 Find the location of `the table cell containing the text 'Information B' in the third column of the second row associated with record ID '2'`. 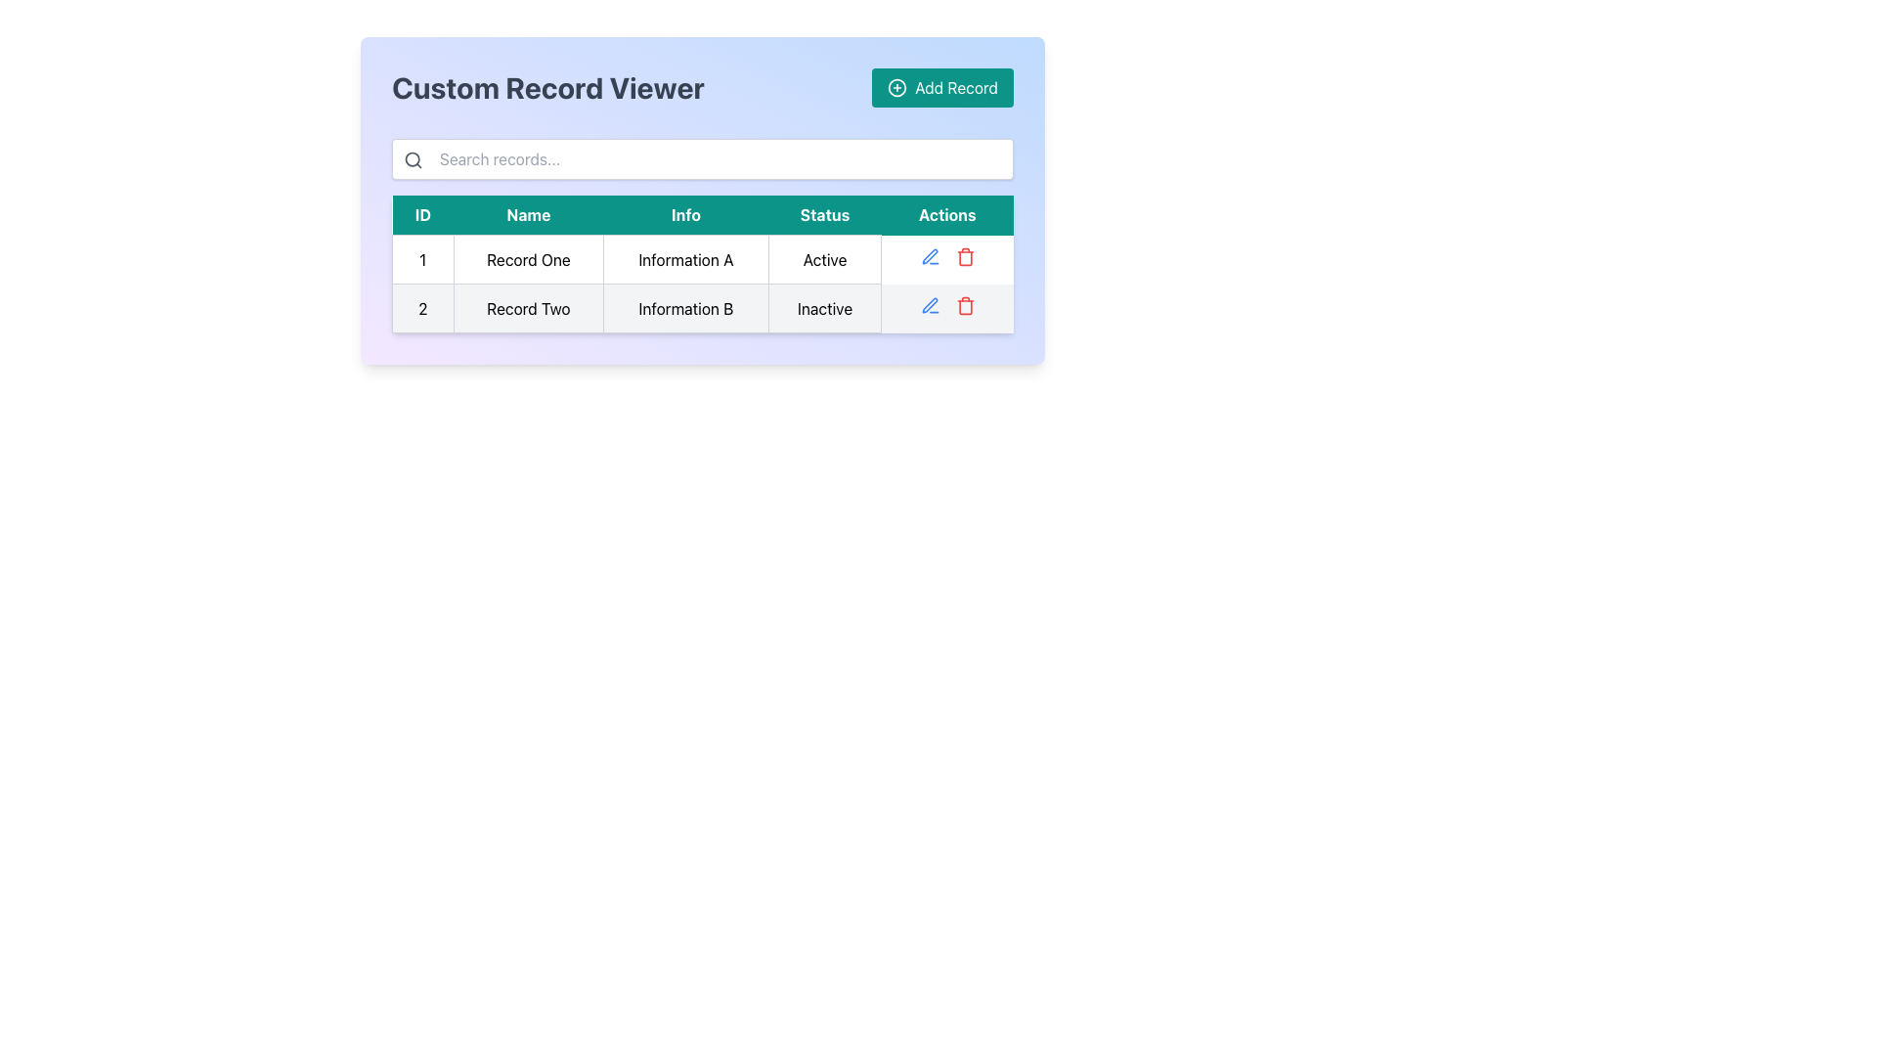

the table cell containing the text 'Information B' in the third column of the second row associated with record ID '2' is located at coordinates (685, 308).